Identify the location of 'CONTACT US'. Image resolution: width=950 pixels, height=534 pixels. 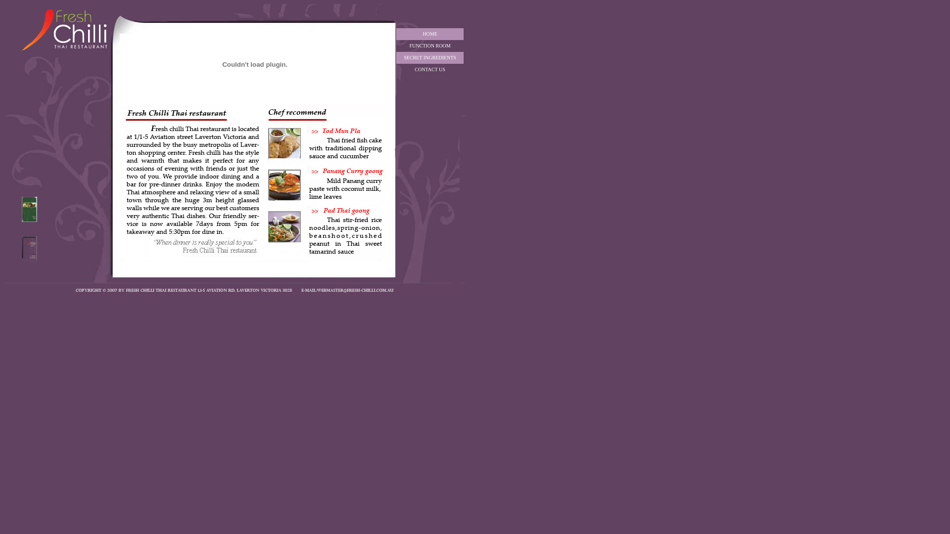
(415, 68).